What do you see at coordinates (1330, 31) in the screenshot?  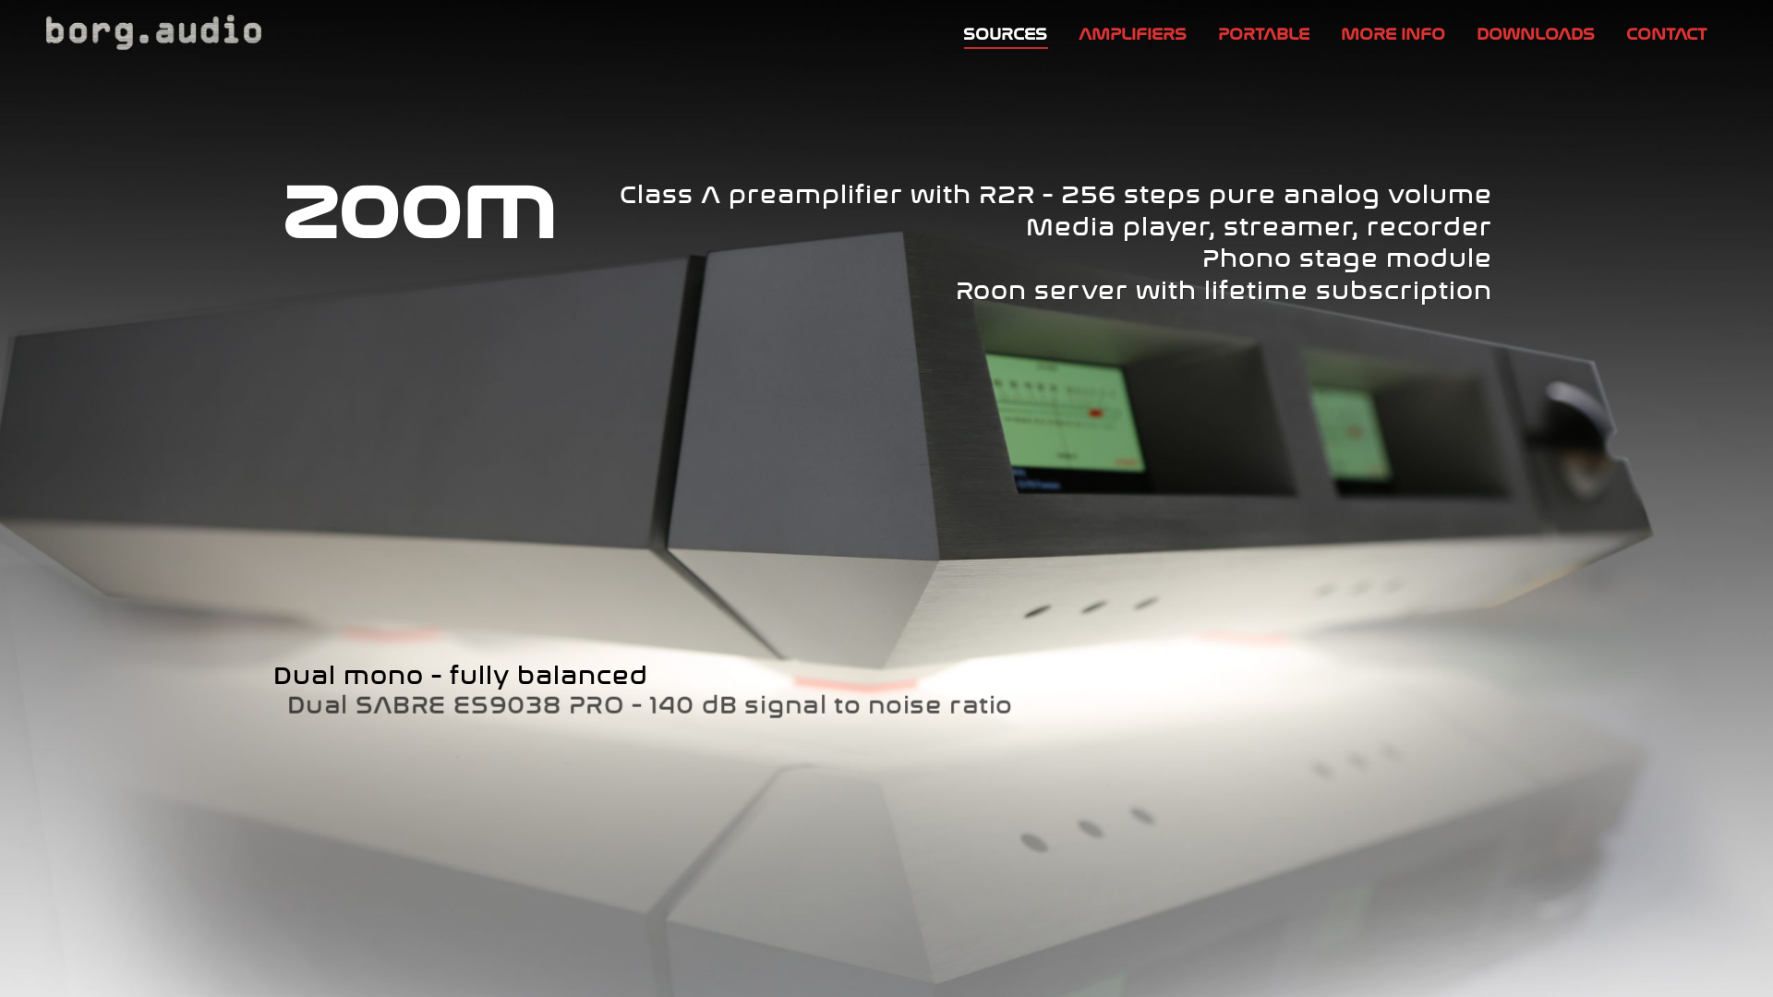 I see `'MORE INFO'` at bounding box center [1330, 31].